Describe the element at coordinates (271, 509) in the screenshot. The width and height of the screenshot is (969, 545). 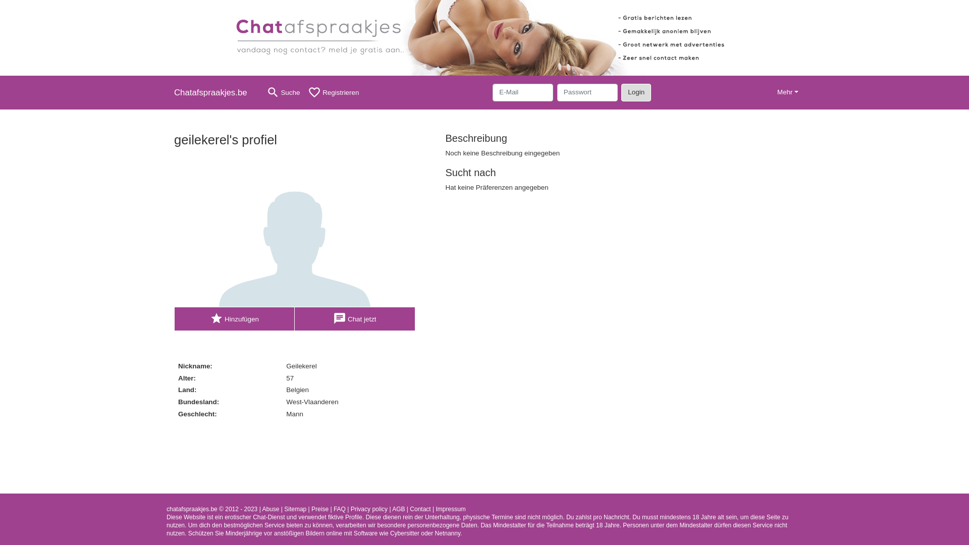
I see `'Abuse'` at that location.